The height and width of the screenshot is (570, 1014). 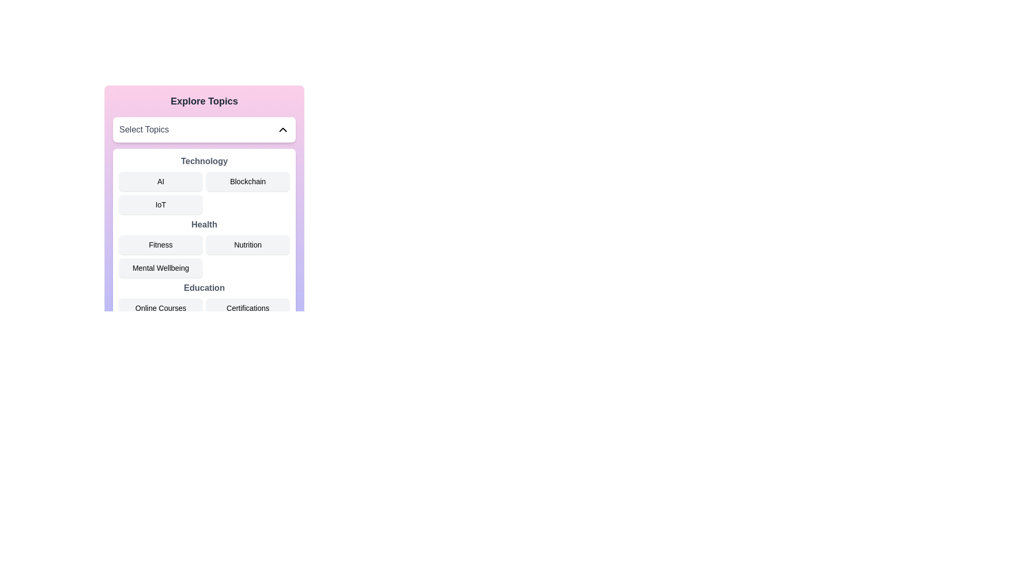 What do you see at coordinates (247, 244) in the screenshot?
I see `the 'Nutrition' button, which is the second item in the grid layout within the 'Health' section` at bounding box center [247, 244].